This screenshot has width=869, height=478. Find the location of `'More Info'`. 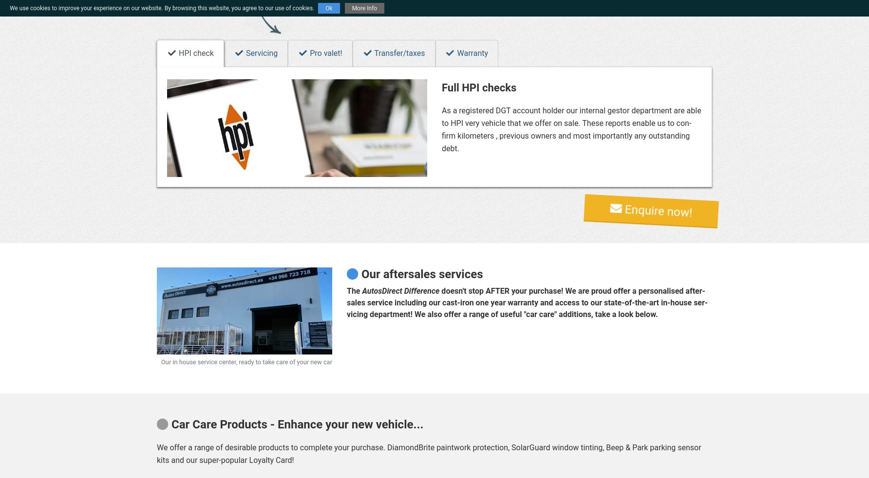

'More Info' is located at coordinates (364, 8).